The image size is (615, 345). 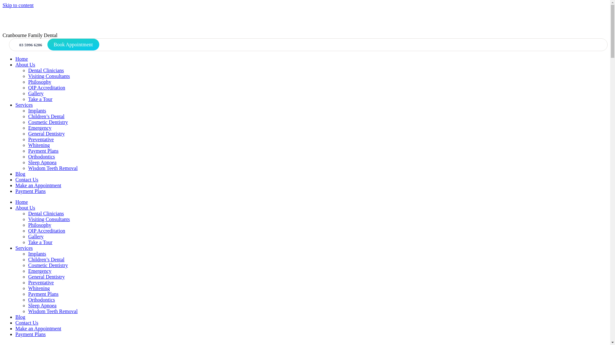 What do you see at coordinates (18, 5) in the screenshot?
I see `'Skip to content'` at bounding box center [18, 5].